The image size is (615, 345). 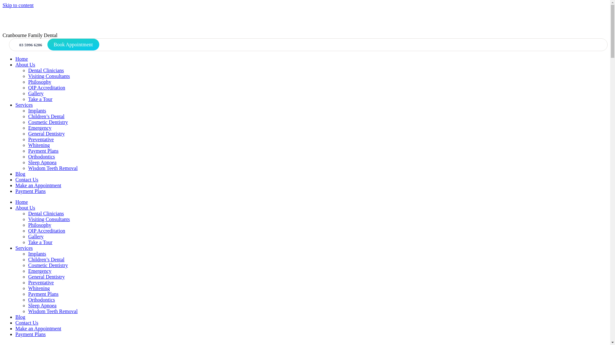 What do you see at coordinates (18, 5) in the screenshot?
I see `'Skip to content'` at bounding box center [18, 5].